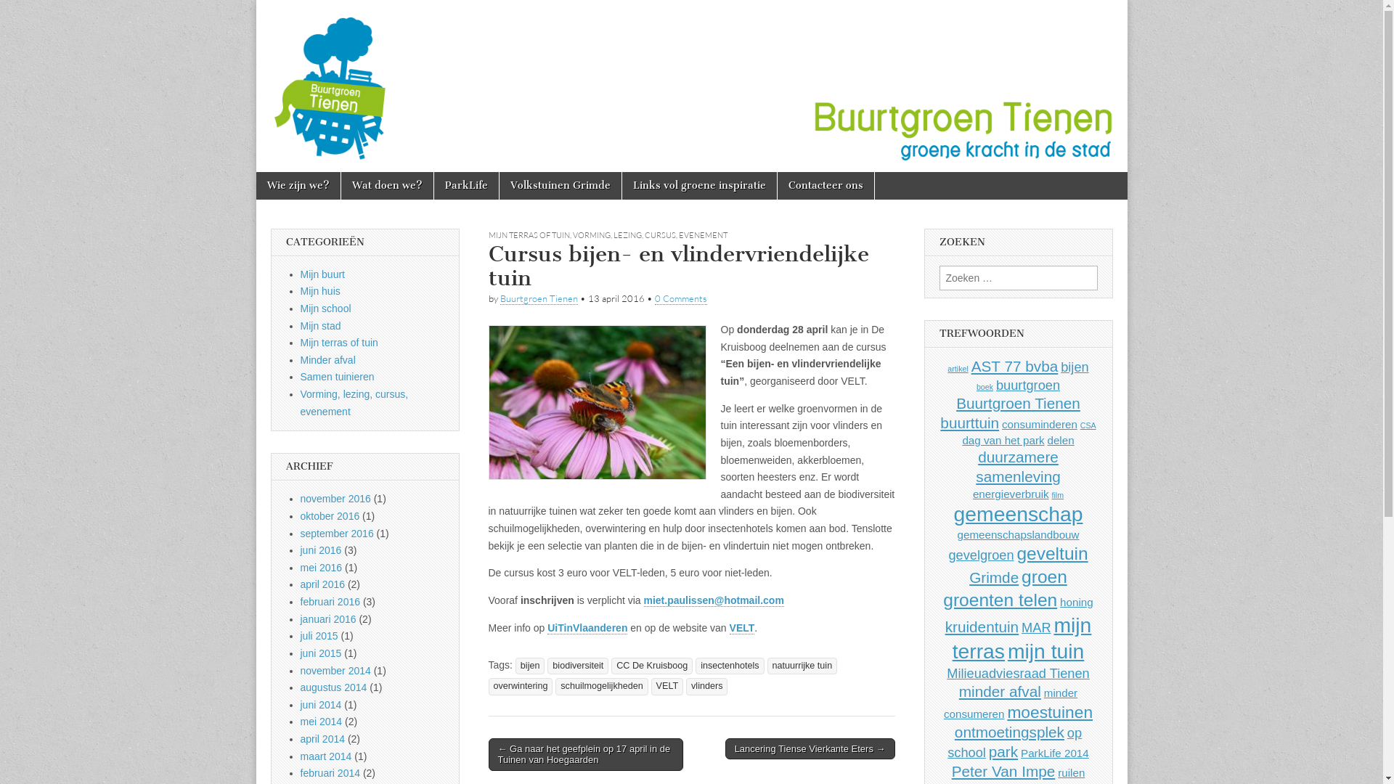 The width and height of the screenshot is (1394, 784). What do you see at coordinates (319, 324) in the screenshot?
I see `'Mijn stad'` at bounding box center [319, 324].